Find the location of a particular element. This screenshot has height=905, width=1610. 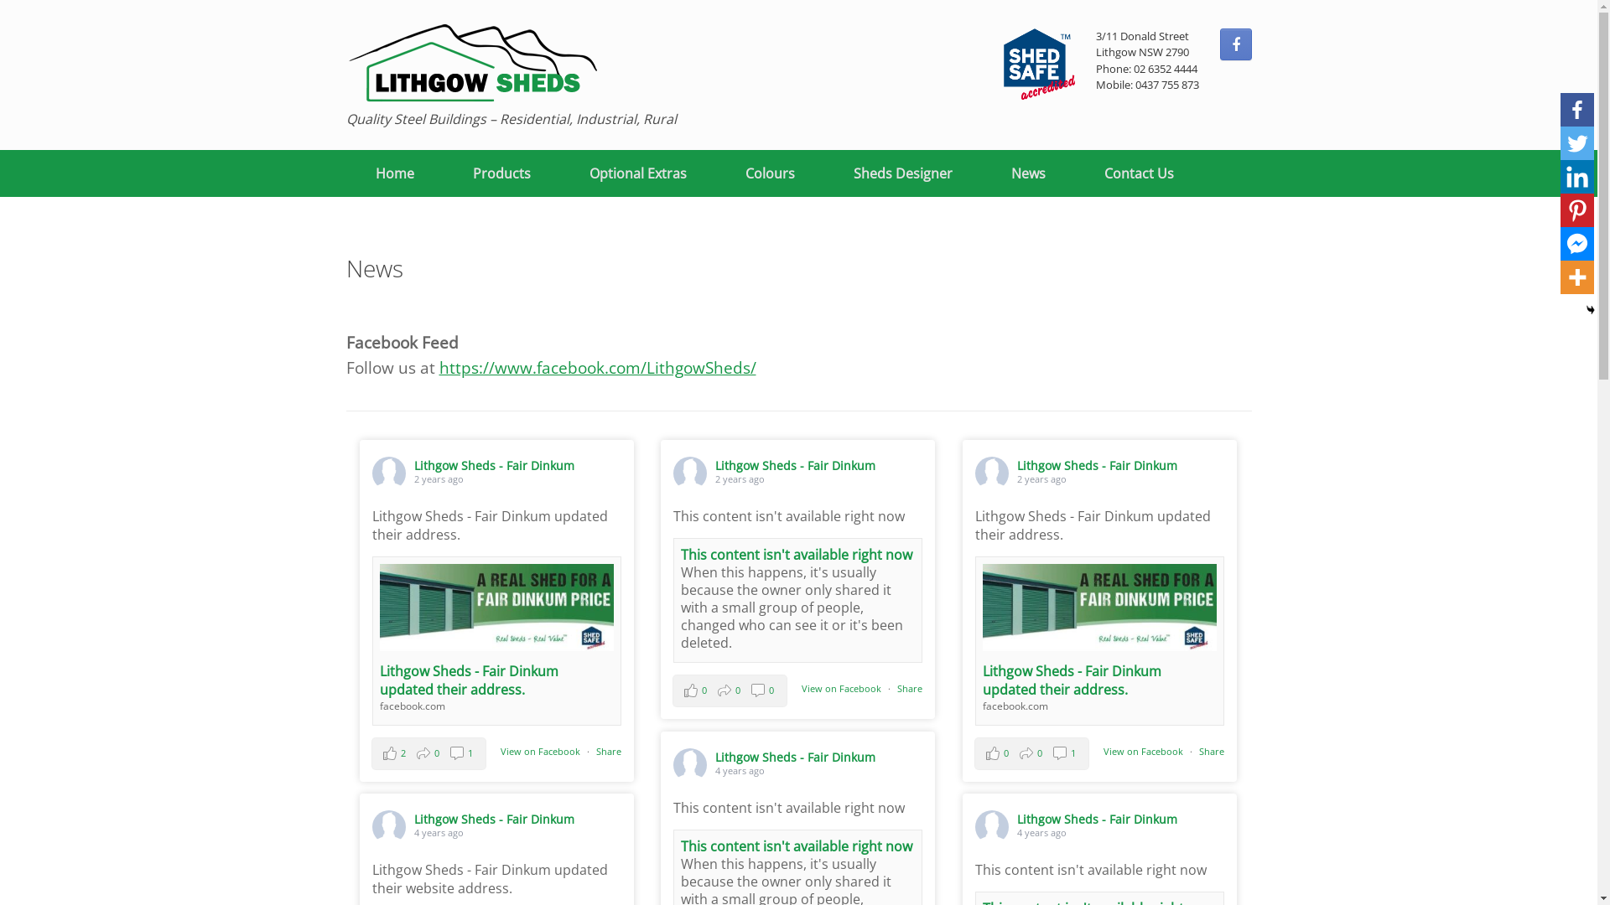

'Facebook' is located at coordinates (1576, 110).